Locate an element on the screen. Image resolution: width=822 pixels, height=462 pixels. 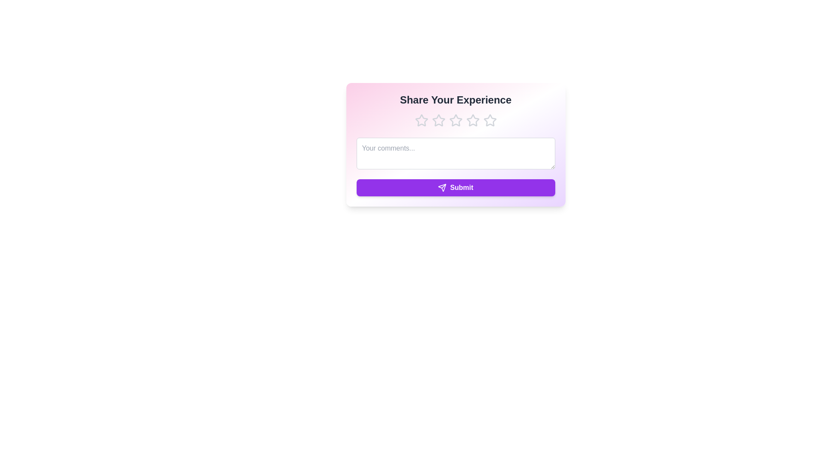
the third star in the rating widget located under the 'Share Your Experience' heading is located at coordinates (455, 120).